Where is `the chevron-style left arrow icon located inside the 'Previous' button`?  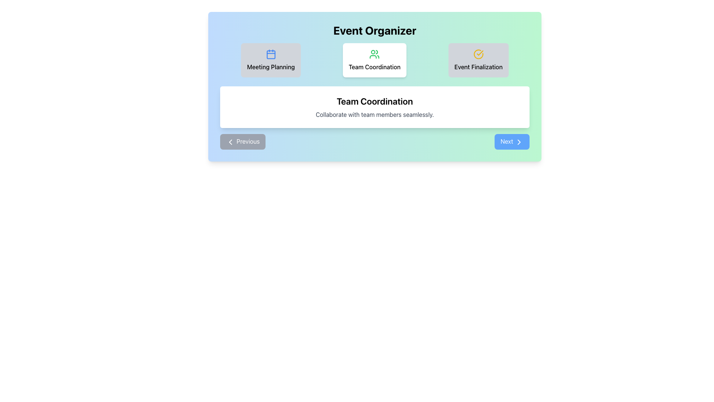
the chevron-style left arrow icon located inside the 'Previous' button is located at coordinates (230, 142).